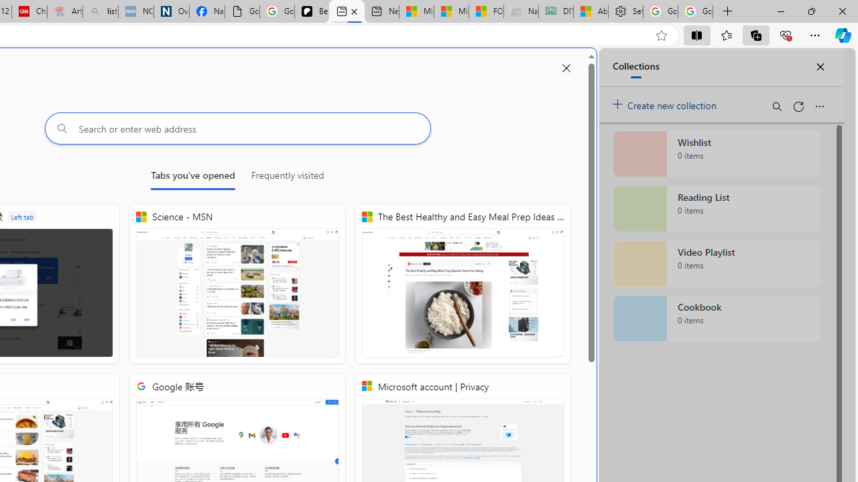 The image size is (858, 482). What do you see at coordinates (192, 177) in the screenshot?
I see `'Tabs you'` at bounding box center [192, 177].